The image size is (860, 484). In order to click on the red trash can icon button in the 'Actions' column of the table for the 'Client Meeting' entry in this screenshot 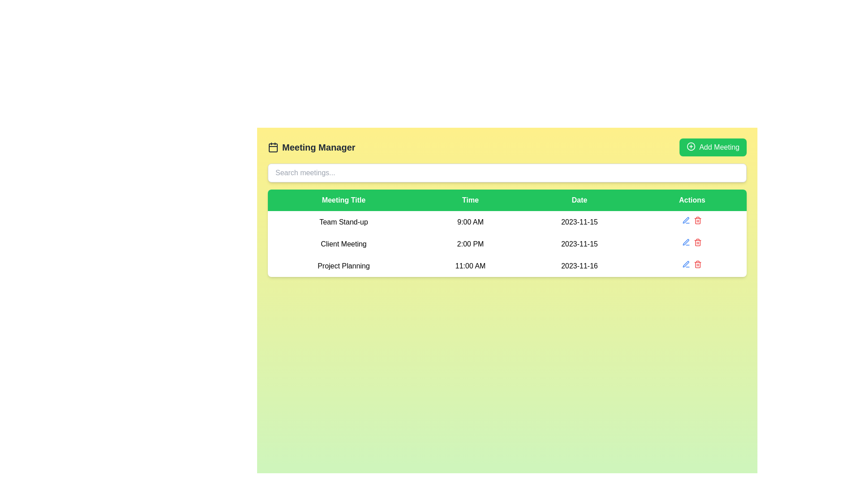, I will do `click(697, 264)`.